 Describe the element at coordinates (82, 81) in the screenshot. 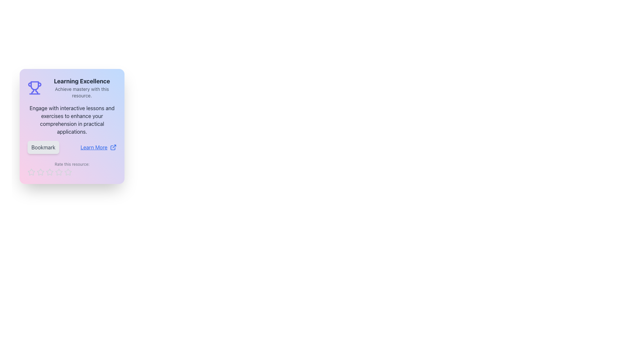

I see `the 'Learning Excellence' text header, which is styled in bold dark gray font and located centrally at the top of the card layout` at that location.